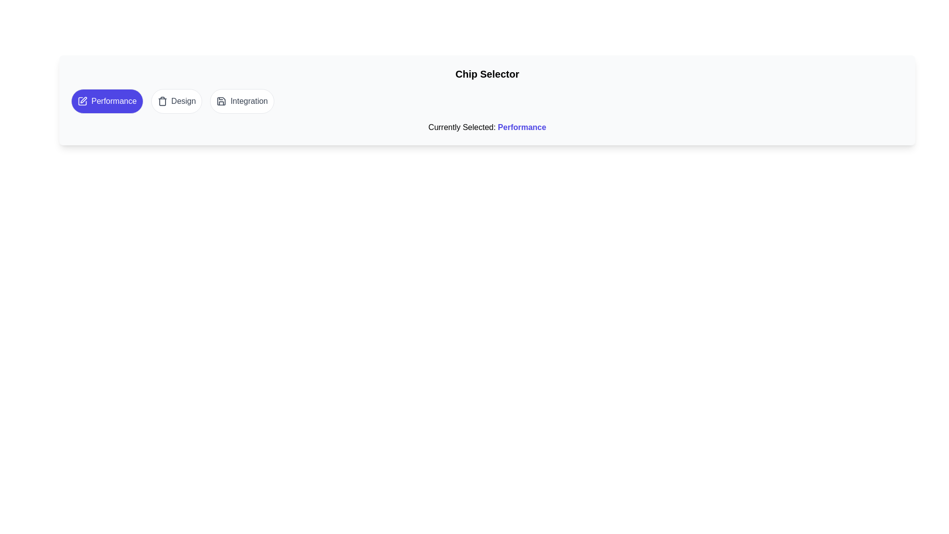  What do you see at coordinates (242, 101) in the screenshot?
I see `the chip labeled 'Integration' to select it` at bounding box center [242, 101].